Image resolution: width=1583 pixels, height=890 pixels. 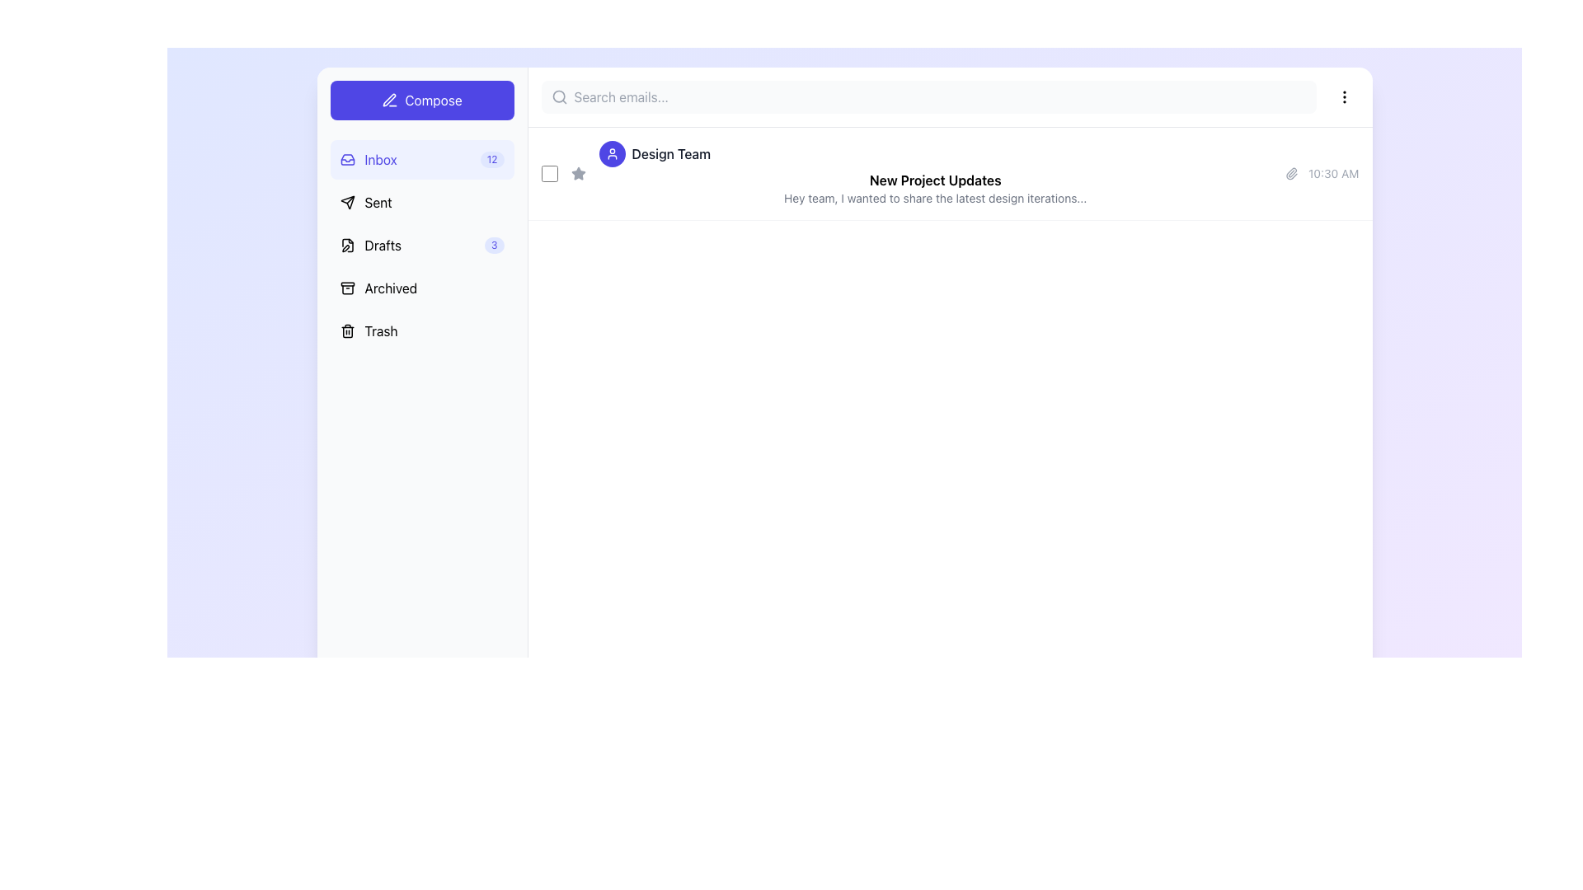 What do you see at coordinates (380, 330) in the screenshot?
I see `the 'Trash' navigation button located at the bottom of the left vertical navigation menu` at bounding box center [380, 330].